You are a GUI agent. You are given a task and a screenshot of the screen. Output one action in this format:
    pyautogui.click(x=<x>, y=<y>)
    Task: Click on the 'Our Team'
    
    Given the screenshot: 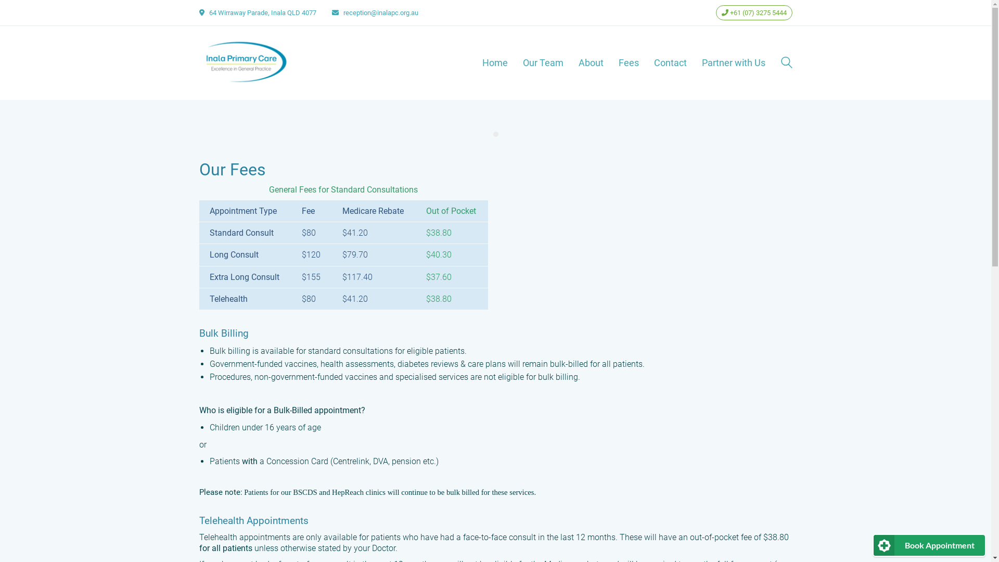 What is the action you would take?
    pyautogui.click(x=542, y=62)
    